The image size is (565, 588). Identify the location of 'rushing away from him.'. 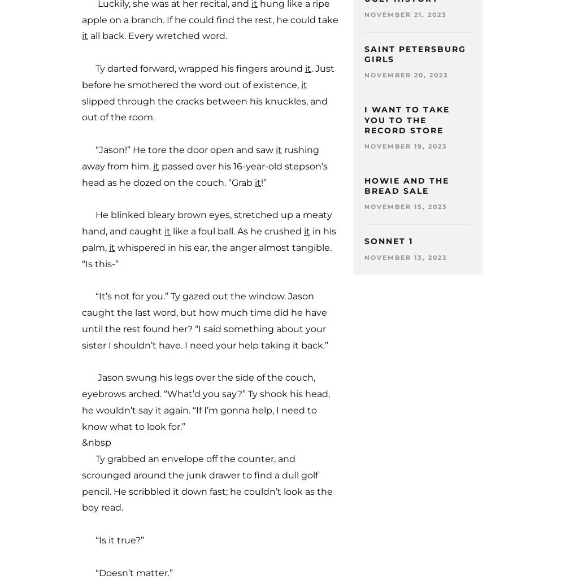
(82, 156).